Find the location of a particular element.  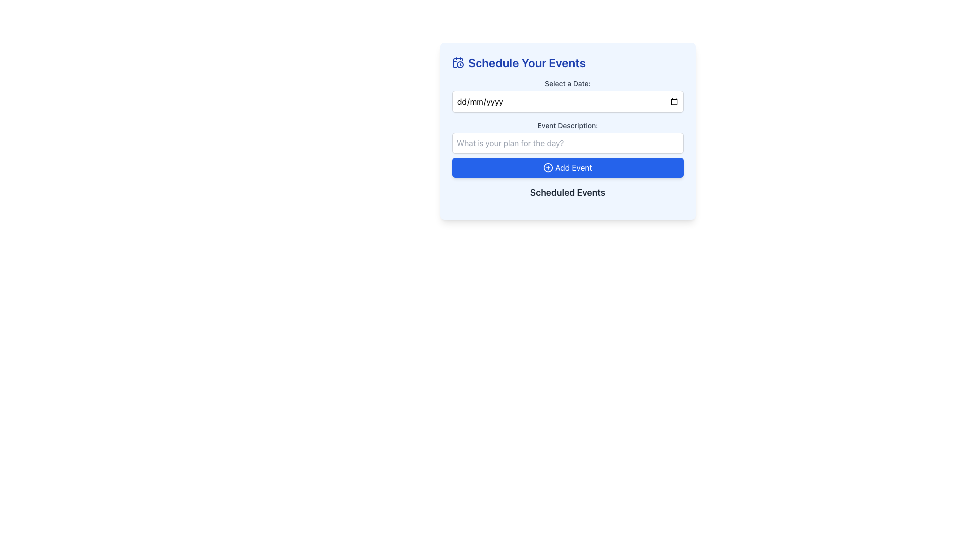

the Text Header displaying 'Schedule Your Events', which is centrally aligned above the 'Select a Date' field is located at coordinates (568, 63).